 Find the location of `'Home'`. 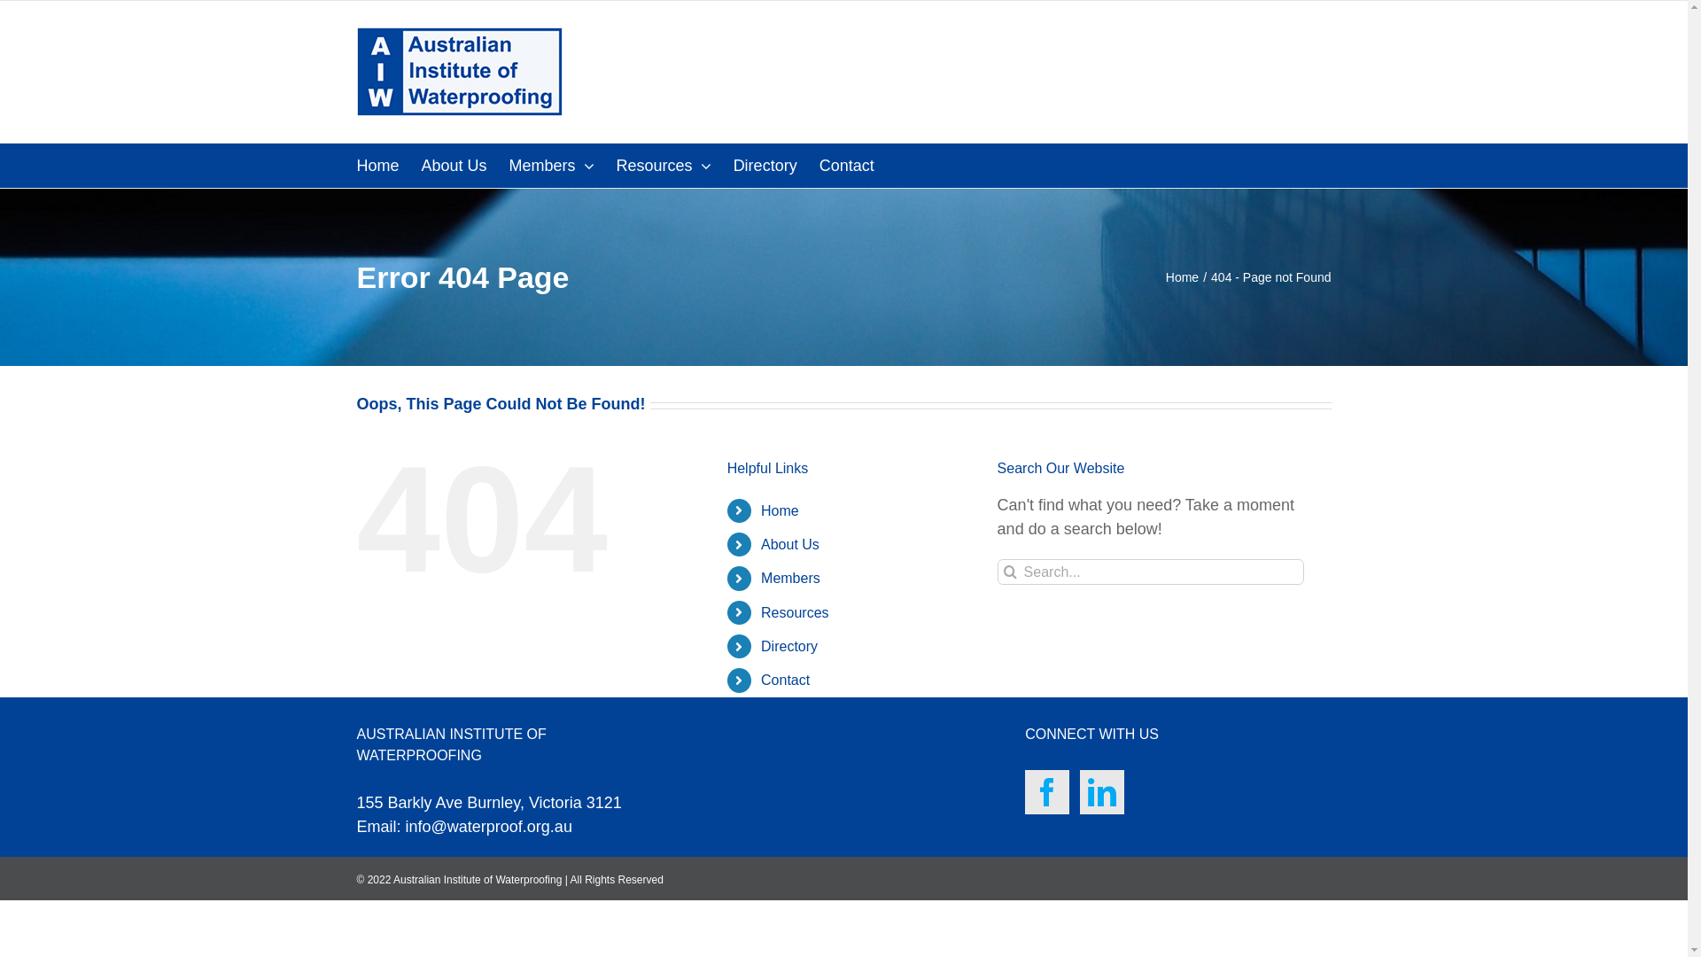

'Home' is located at coordinates (1182, 276).